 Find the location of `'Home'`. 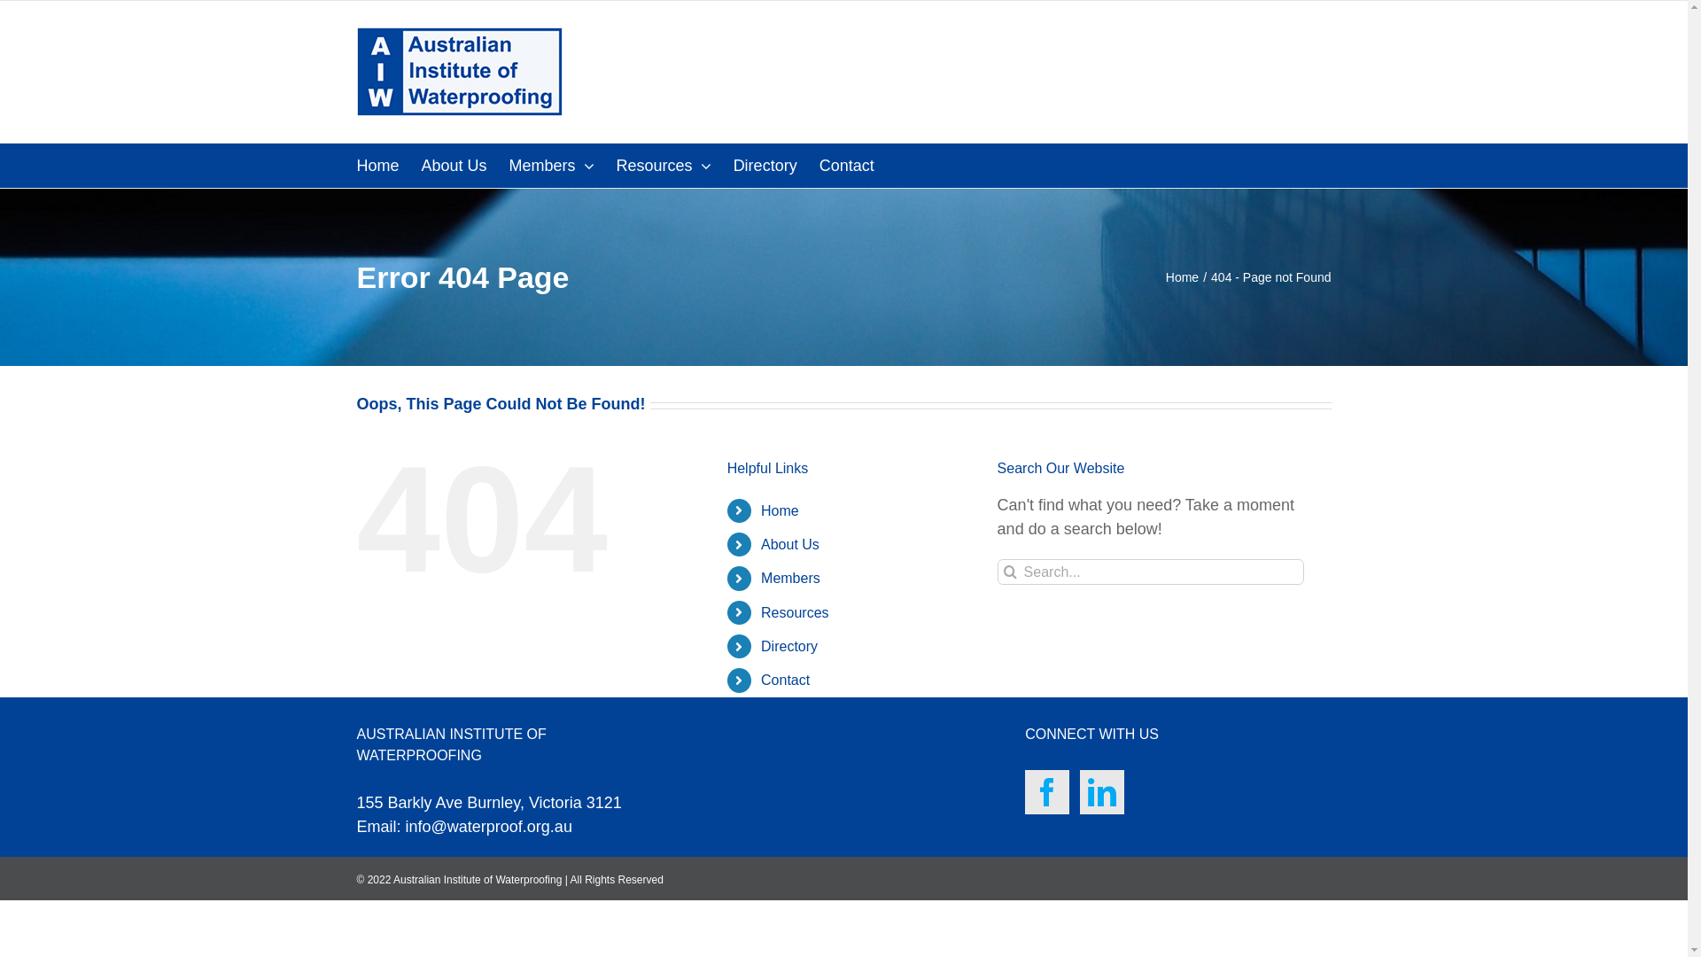

'Home' is located at coordinates (1182, 276).